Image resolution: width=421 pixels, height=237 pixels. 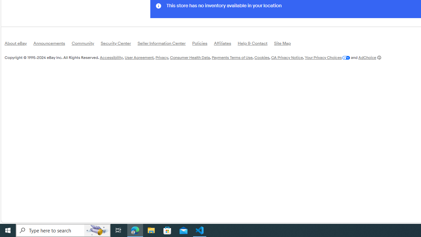 What do you see at coordinates (261, 57) in the screenshot?
I see `'Cookies'` at bounding box center [261, 57].